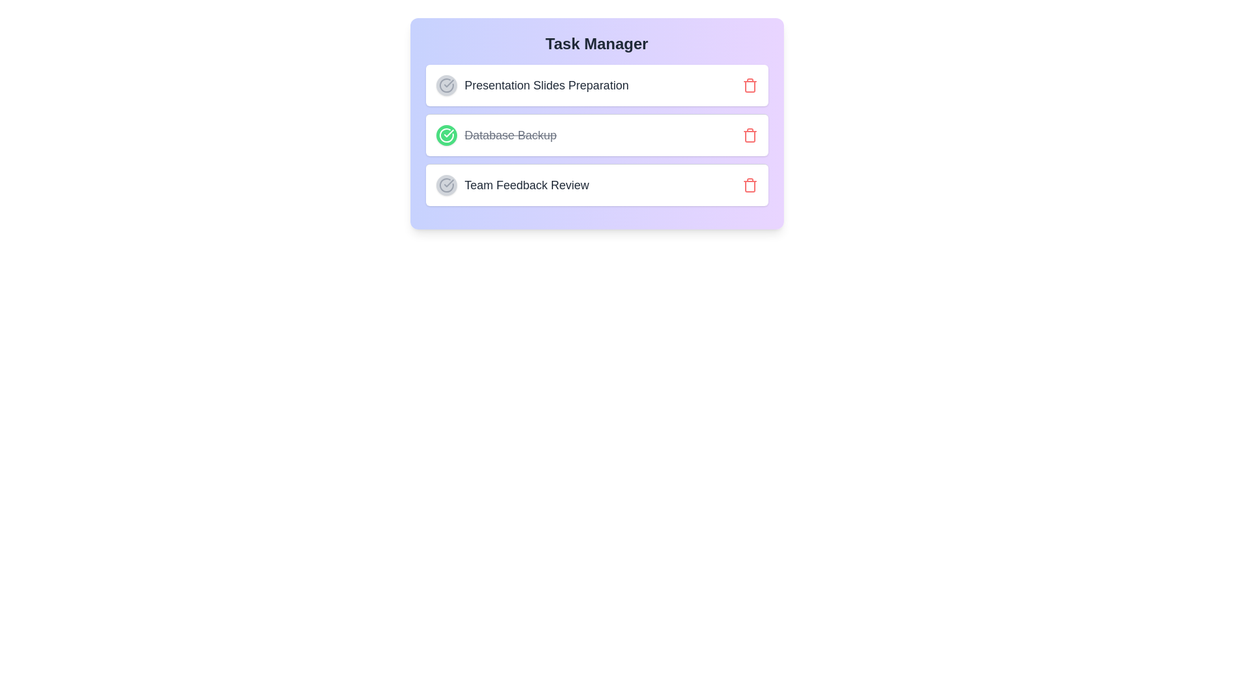  Describe the element at coordinates (750, 85) in the screenshot. I see `trash icon next to the task named Presentation Slides Preparation to delete it` at that location.